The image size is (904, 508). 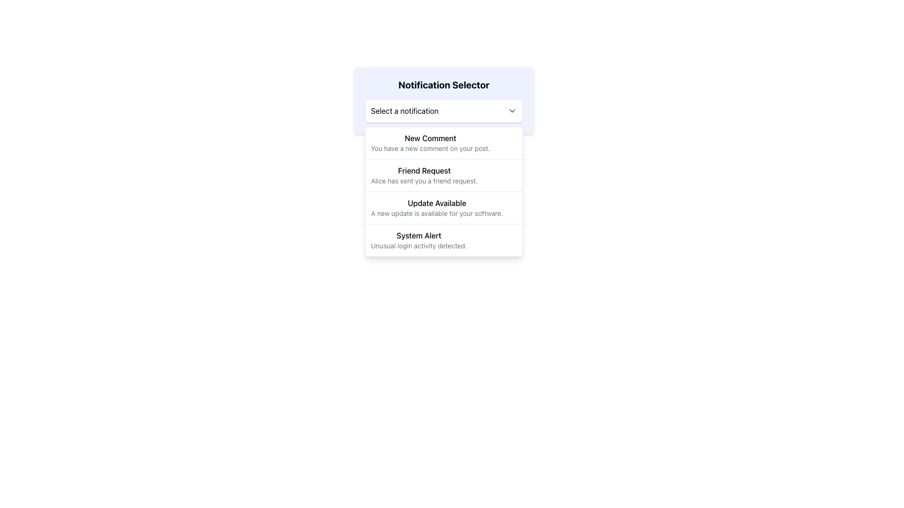 What do you see at coordinates (443, 191) in the screenshot?
I see `the 'Update Available' notification list item, which is the third entry in the dropdown notification list` at bounding box center [443, 191].